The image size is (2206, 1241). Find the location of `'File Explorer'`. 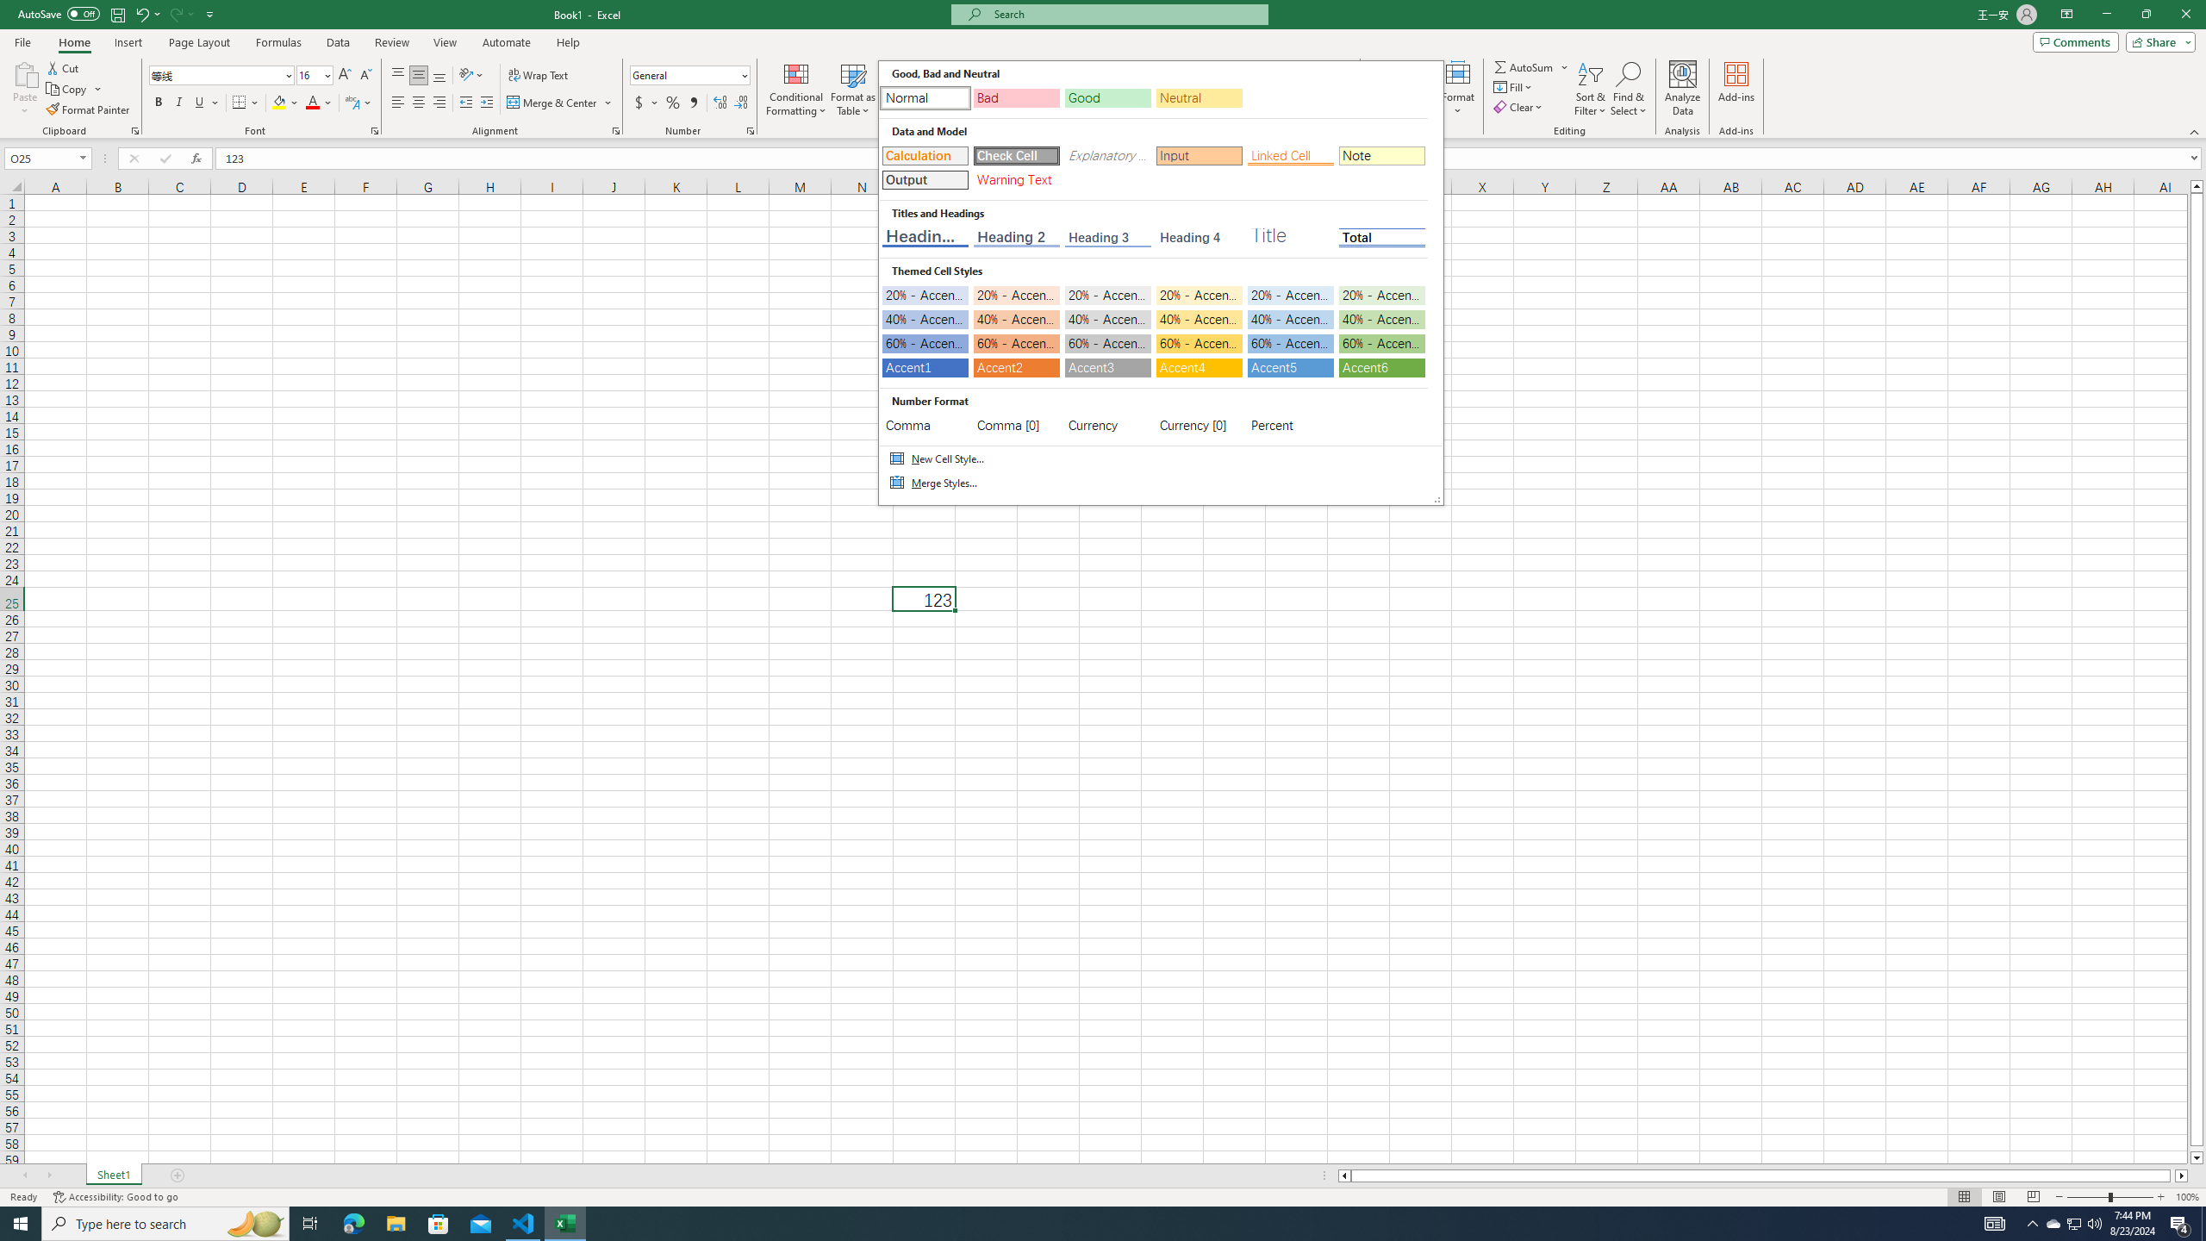

'File Explorer' is located at coordinates (395, 1222).